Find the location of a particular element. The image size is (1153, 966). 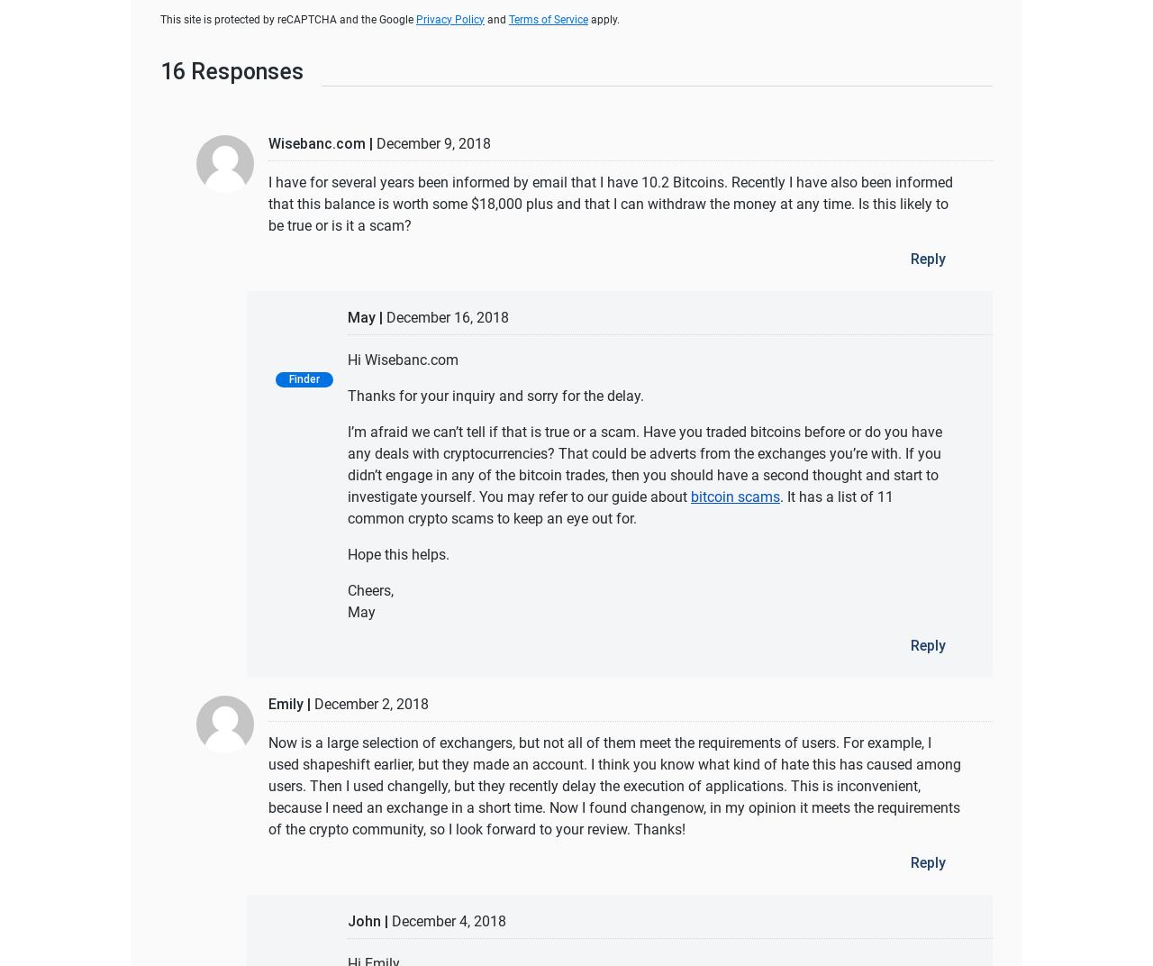

'This site is protected by reCAPTCHA and the Google' is located at coordinates (288, 18).